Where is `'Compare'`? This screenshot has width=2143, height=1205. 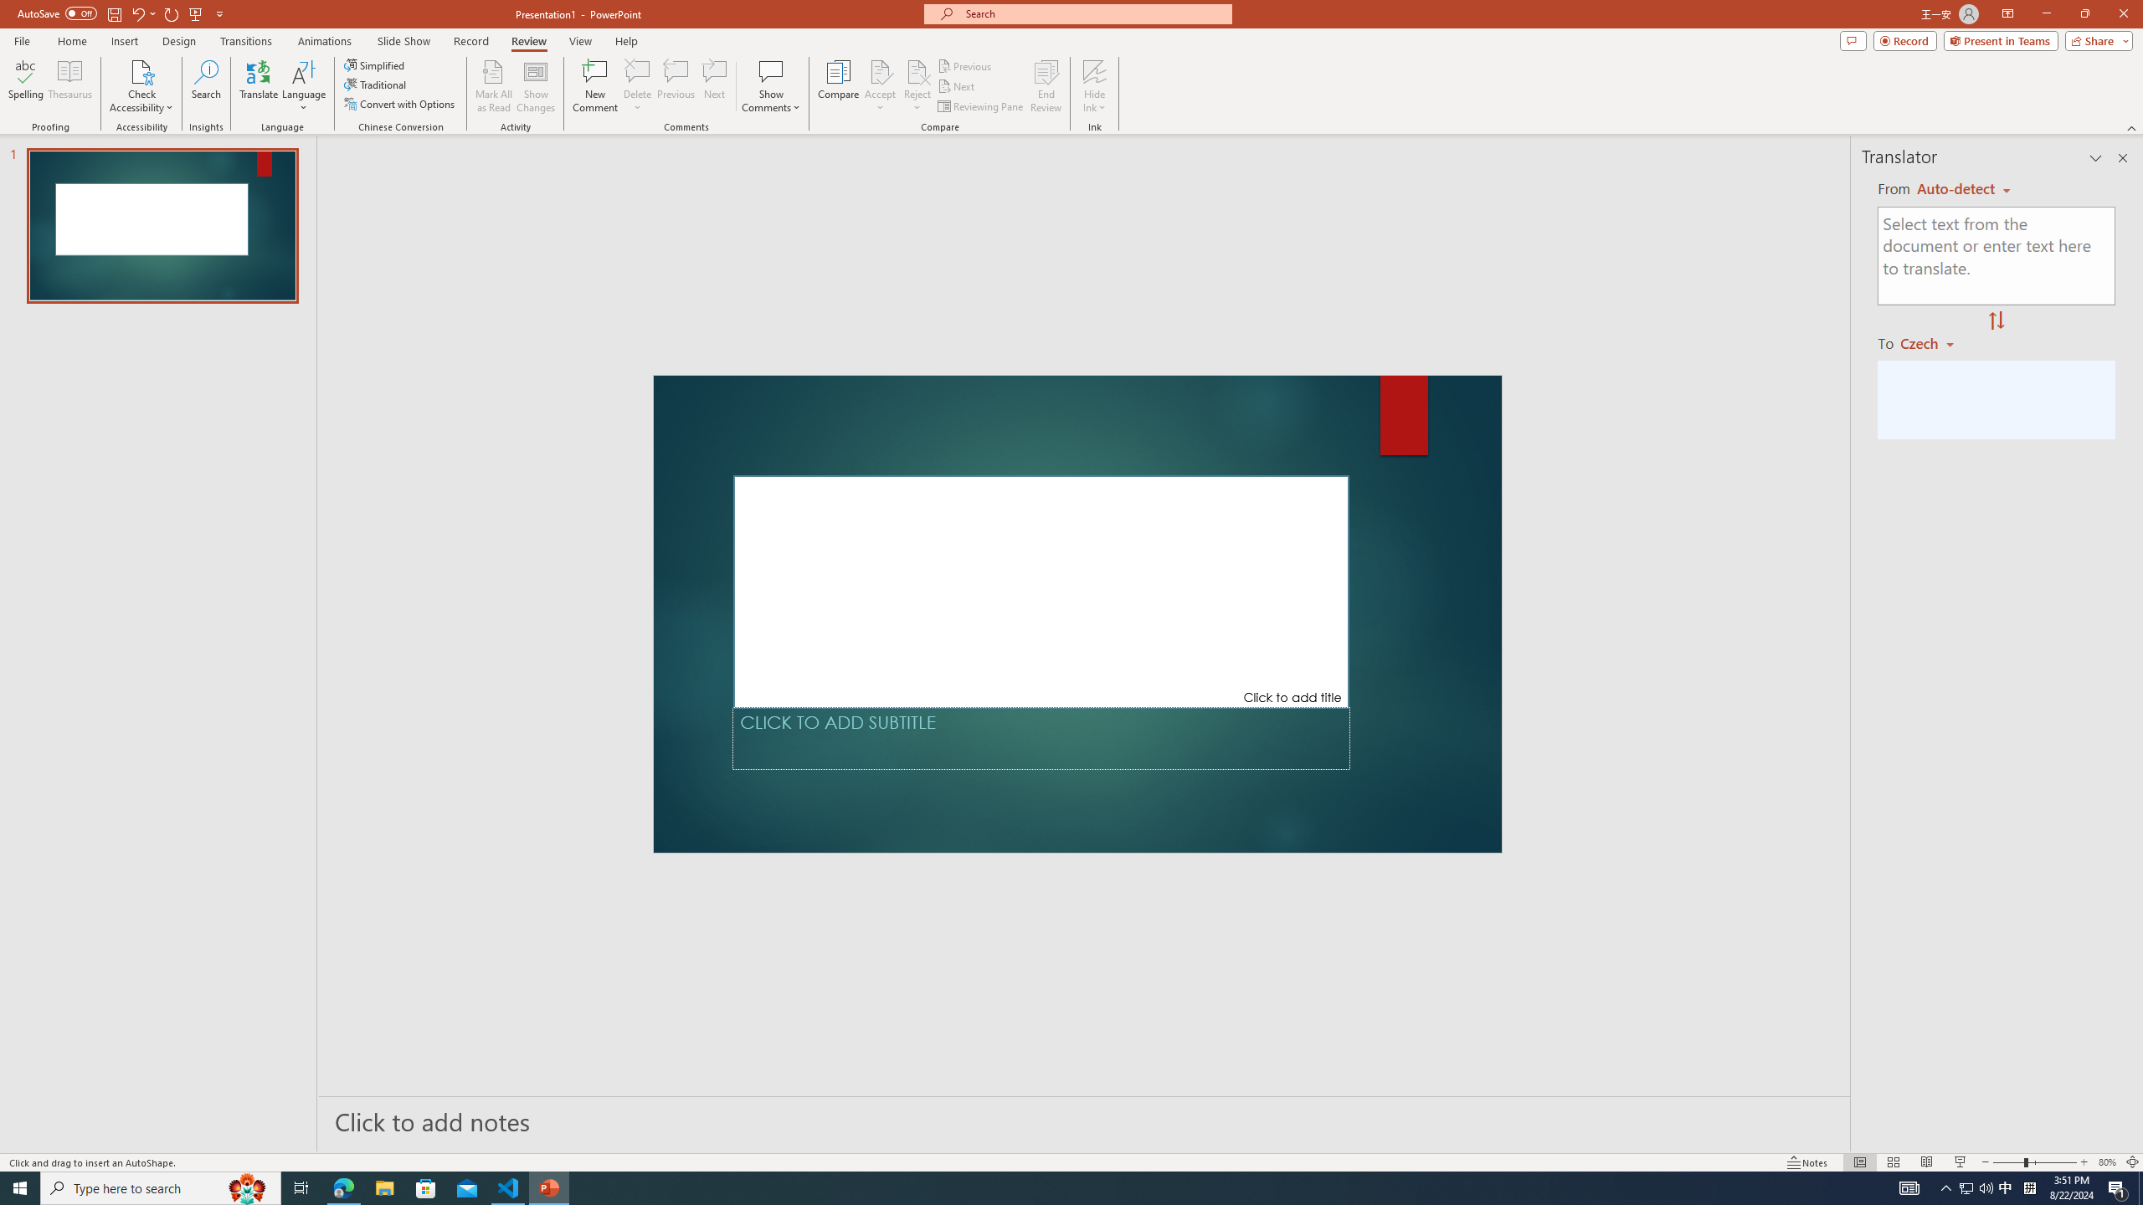 'Compare' is located at coordinates (839, 86).